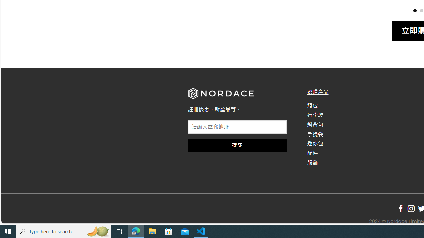 Image resolution: width=424 pixels, height=238 pixels. I want to click on 'Page dot 1', so click(414, 10).